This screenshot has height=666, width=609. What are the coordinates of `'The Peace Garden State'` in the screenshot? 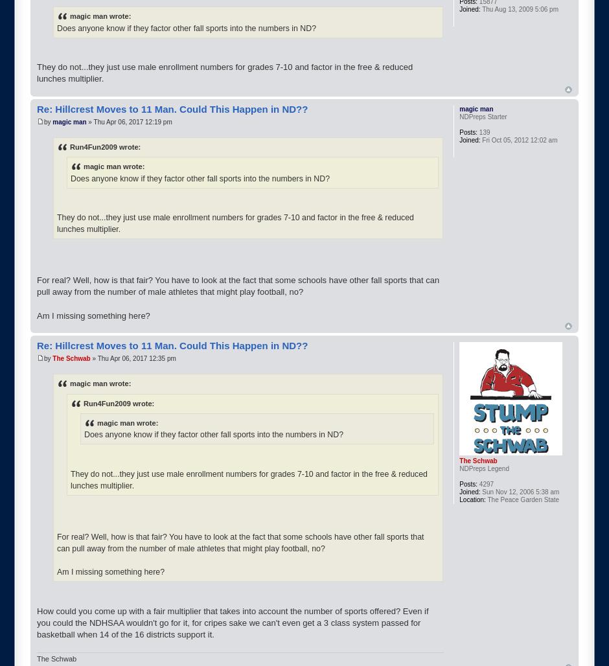 It's located at (522, 498).